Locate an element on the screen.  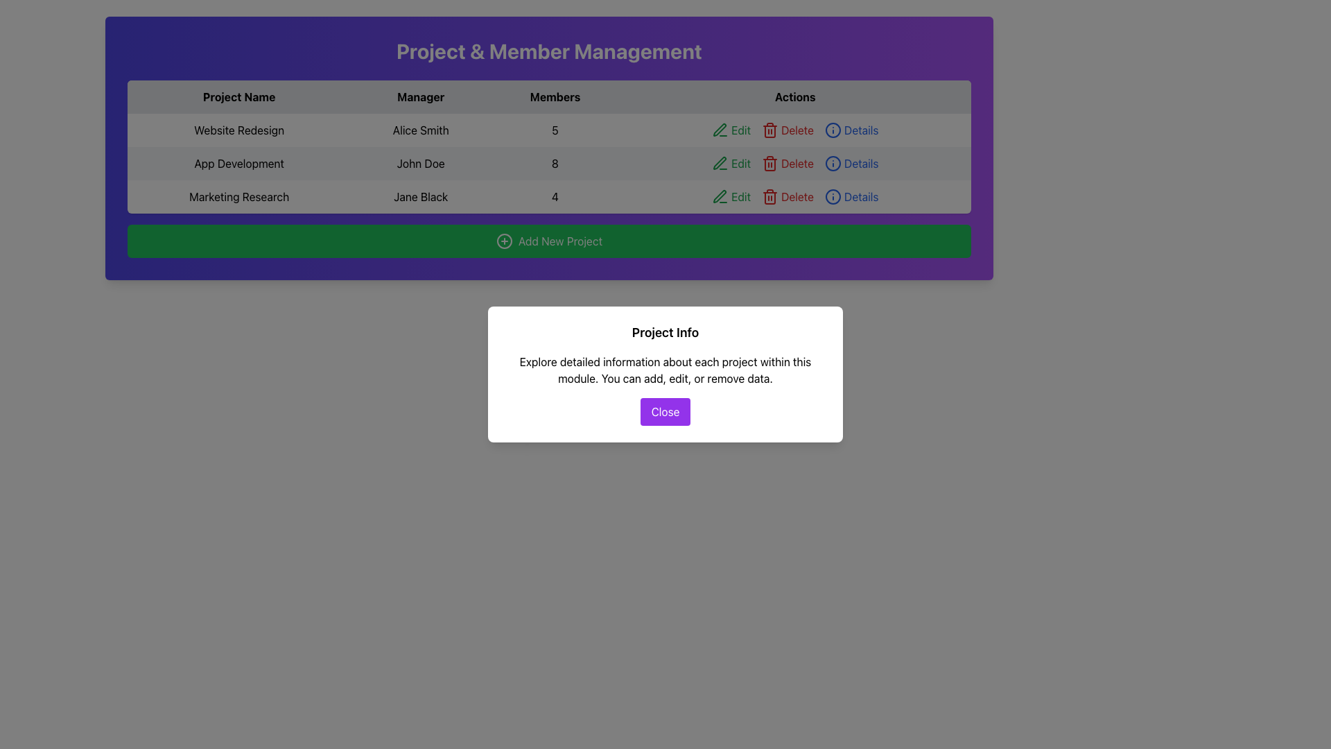
the text element 'Marketing Research' located in the first column of the third row under the 'Project Name' column of the table, which has a light gray background is located at coordinates (239, 197).